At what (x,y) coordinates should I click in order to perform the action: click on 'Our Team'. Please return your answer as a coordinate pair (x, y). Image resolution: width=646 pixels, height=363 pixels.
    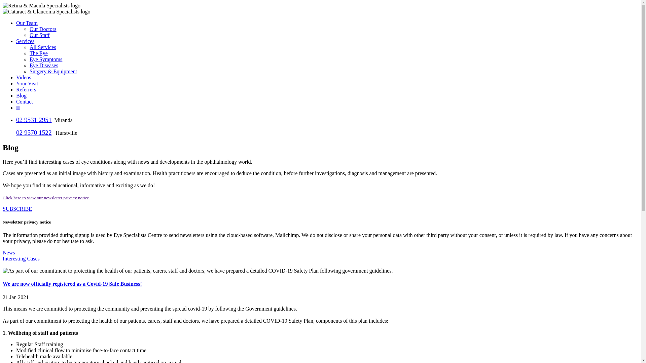
    Looking at the image, I should click on (27, 23).